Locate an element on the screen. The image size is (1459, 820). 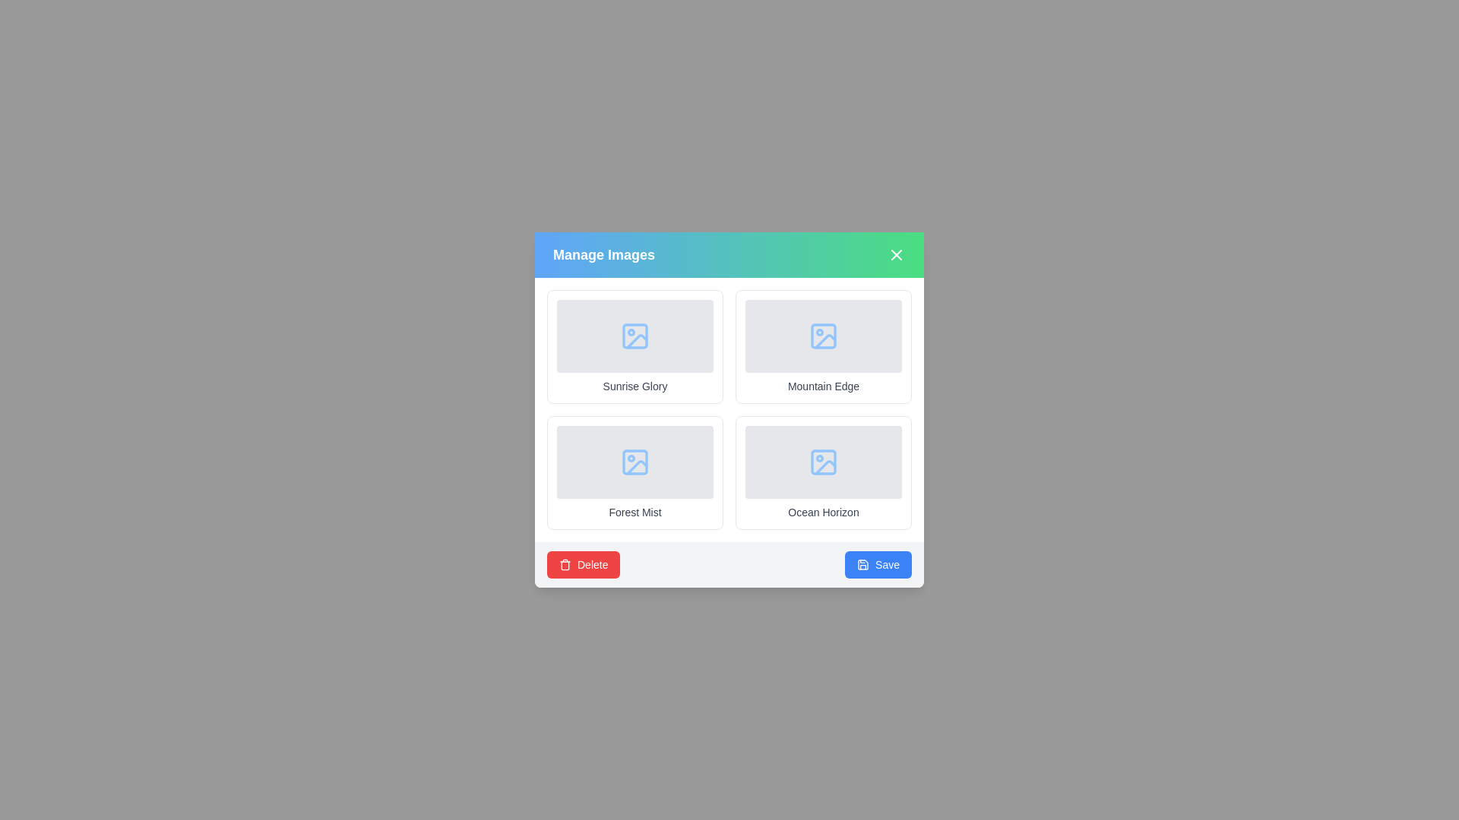
the first selectable card in the 2x2 grid layout, which features a gray background and the text 'Sunrise Glory' below a blue-gray mountain icon is located at coordinates (635, 346).